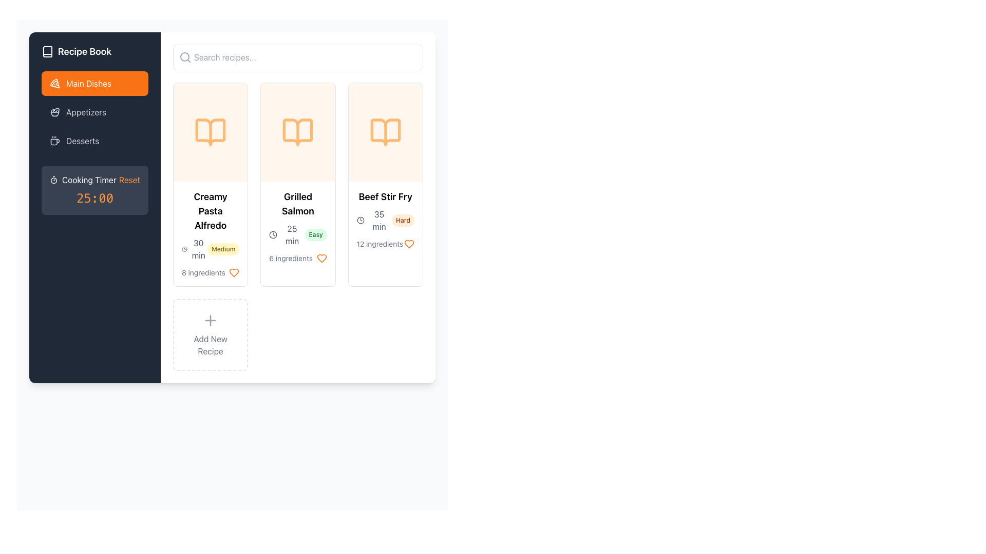 The height and width of the screenshot is (554, 986). Describe the element at coordinates (89, 180) in the screenshot. I see `the text label indicating the title or purpose of the adjacent timer functionality located in the sidebar below the 'Main Dishes' category` at that location.